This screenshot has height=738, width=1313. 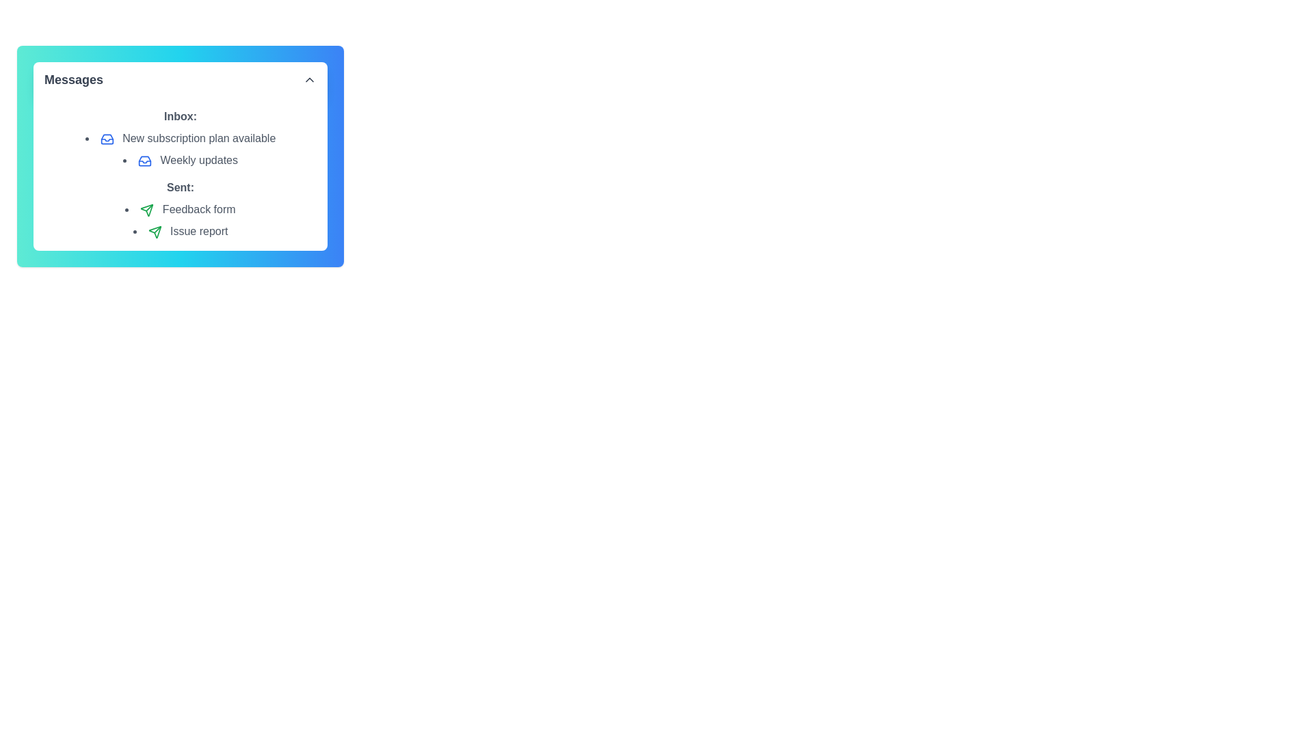 What do you see at coordinates (106, 139) in the screenshot?
I see `the inbox tray icon with a blue outline located under the 'Inbox' section, just above the text 'New subscription plan available'` at bounding box center [106, 139].